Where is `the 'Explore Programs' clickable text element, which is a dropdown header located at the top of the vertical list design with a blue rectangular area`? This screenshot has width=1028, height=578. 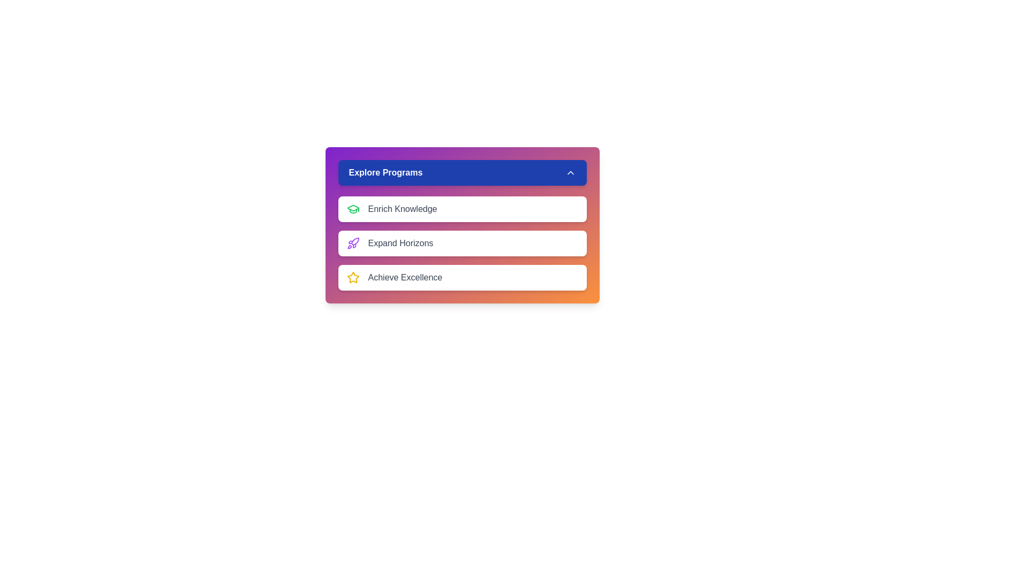
the 'Explore Programs' clickable text element, which is a dropdown header located at the top of the vertical list design with a blue rectangular area is located at coordinates (385, 172).